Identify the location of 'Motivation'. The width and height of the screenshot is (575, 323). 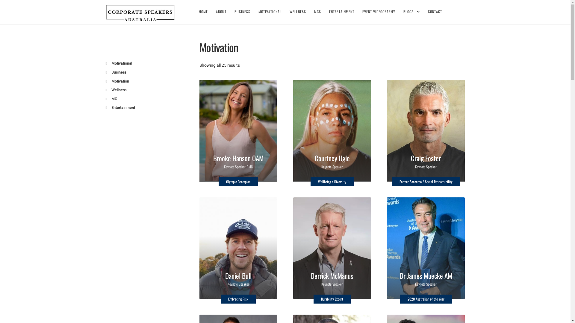
(111, 81).